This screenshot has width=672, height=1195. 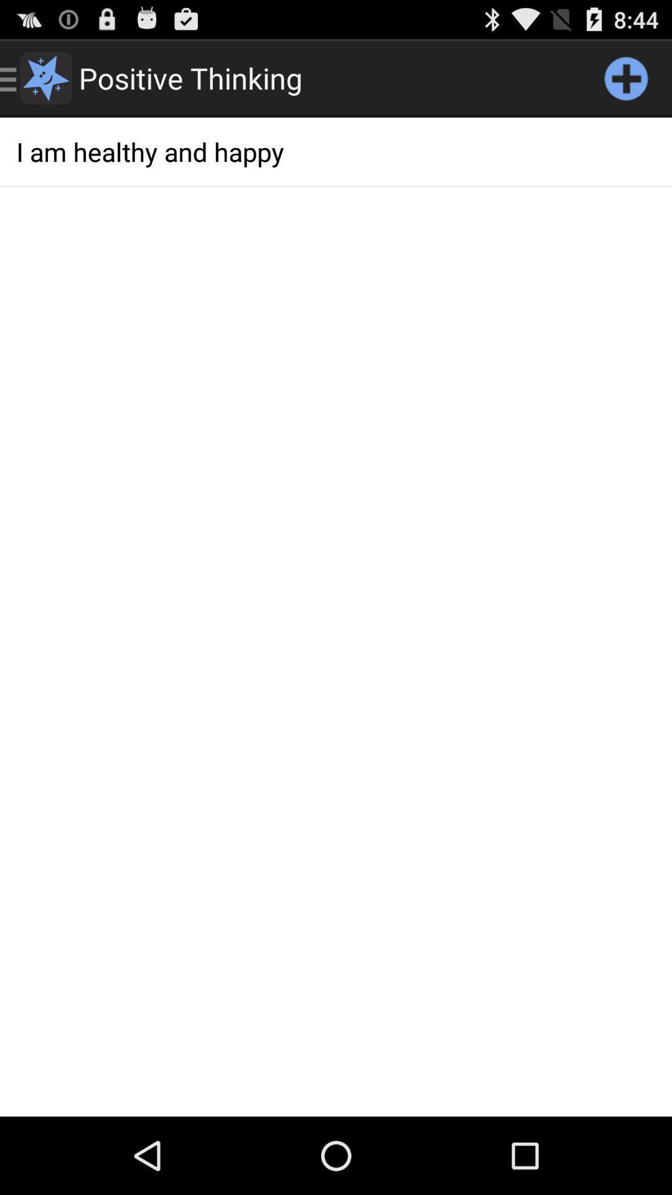 I want to click on icon next to the positive thinking, so click(x=626, y=77).